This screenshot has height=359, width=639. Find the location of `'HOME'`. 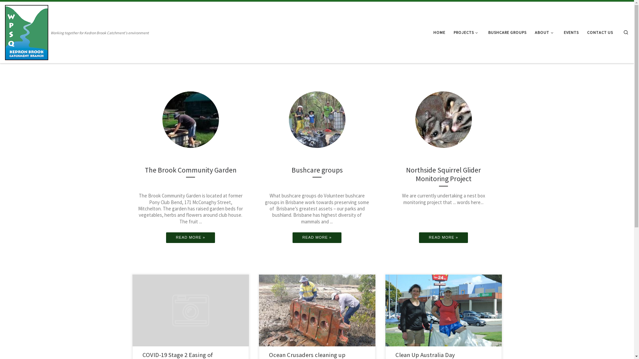

'HOME' is located at coordinates (439, 32).